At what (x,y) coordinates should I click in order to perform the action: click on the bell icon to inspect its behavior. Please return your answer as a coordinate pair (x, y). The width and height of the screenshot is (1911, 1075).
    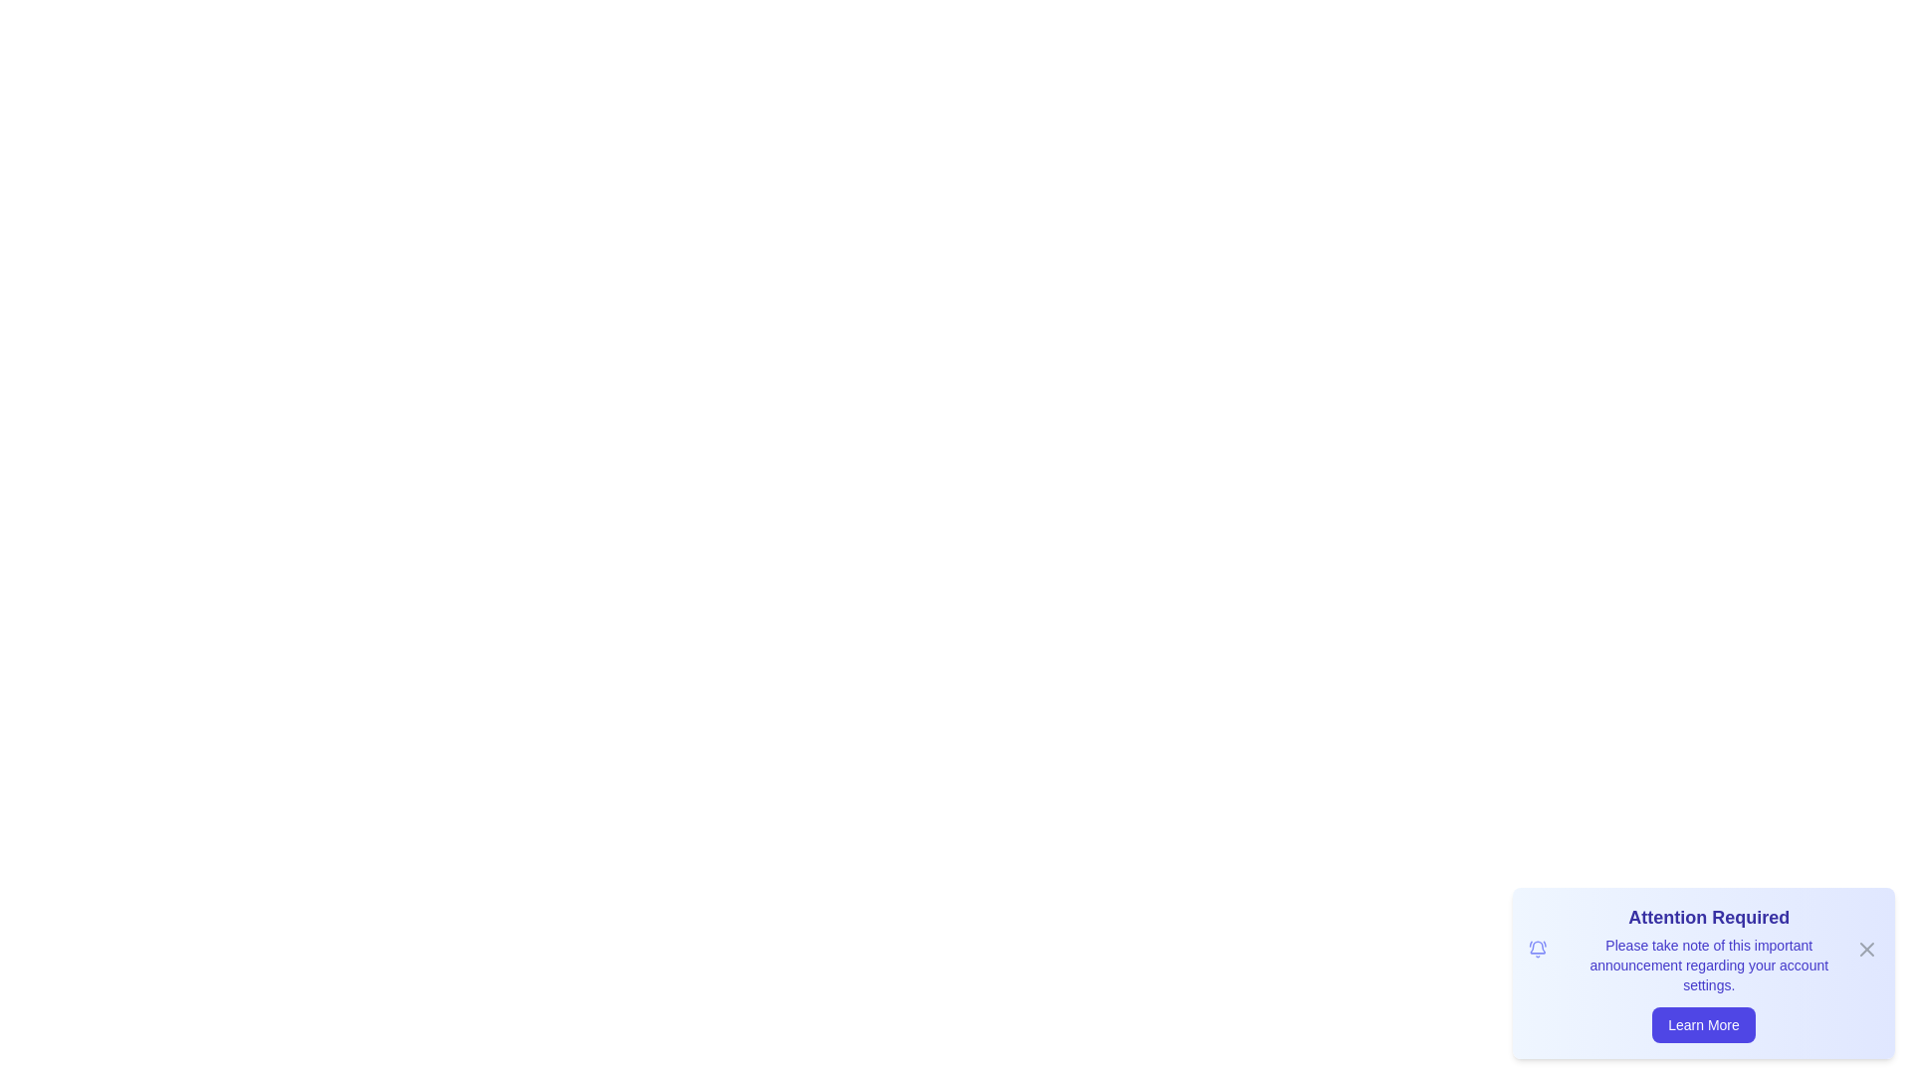
    Looking at the image, I should click on (1537, 948).